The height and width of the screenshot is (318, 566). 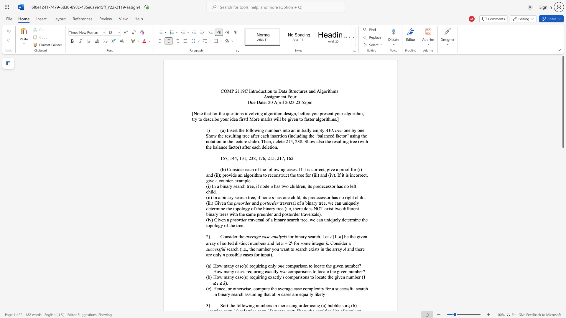 What do you see at coordinates (258, 102) in the screenshot?
I see `the 2th character "D" in the text` at bounding box center [258, 102].